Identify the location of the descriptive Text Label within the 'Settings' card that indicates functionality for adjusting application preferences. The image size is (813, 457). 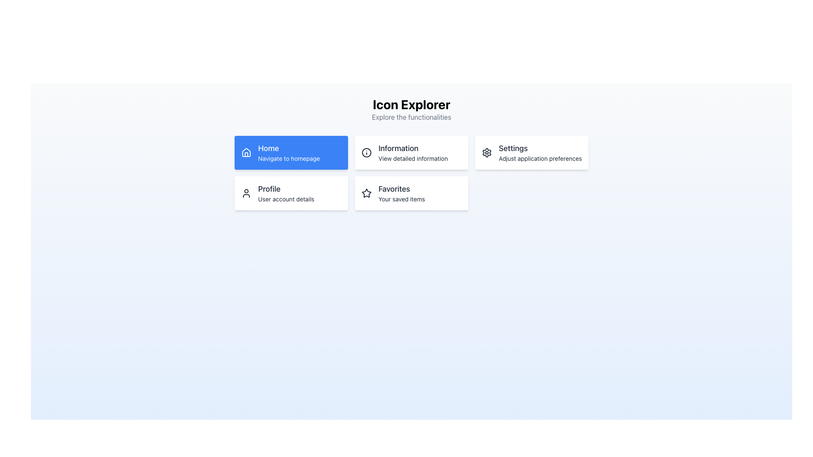
(540, 158).